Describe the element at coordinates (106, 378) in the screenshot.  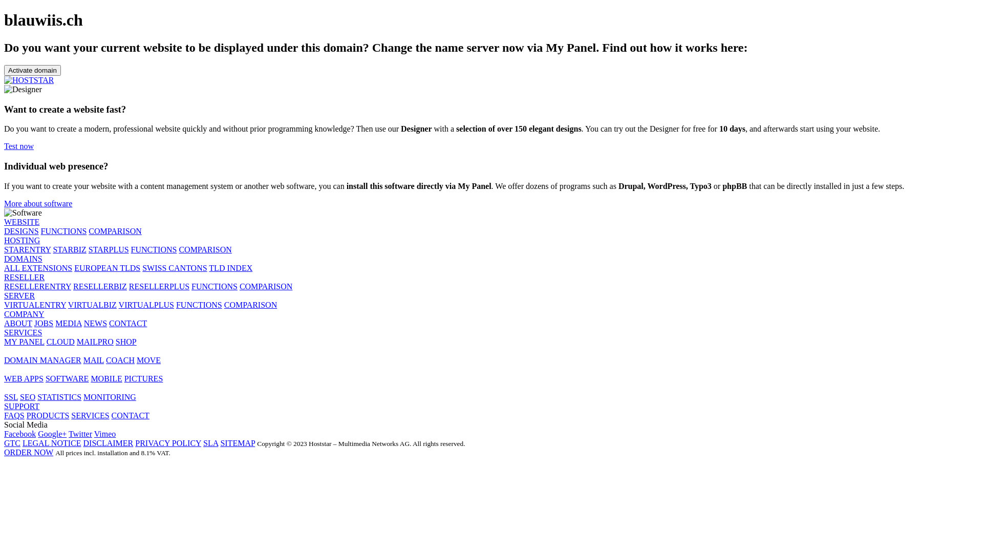
I see `'MOBILE'` at that location.